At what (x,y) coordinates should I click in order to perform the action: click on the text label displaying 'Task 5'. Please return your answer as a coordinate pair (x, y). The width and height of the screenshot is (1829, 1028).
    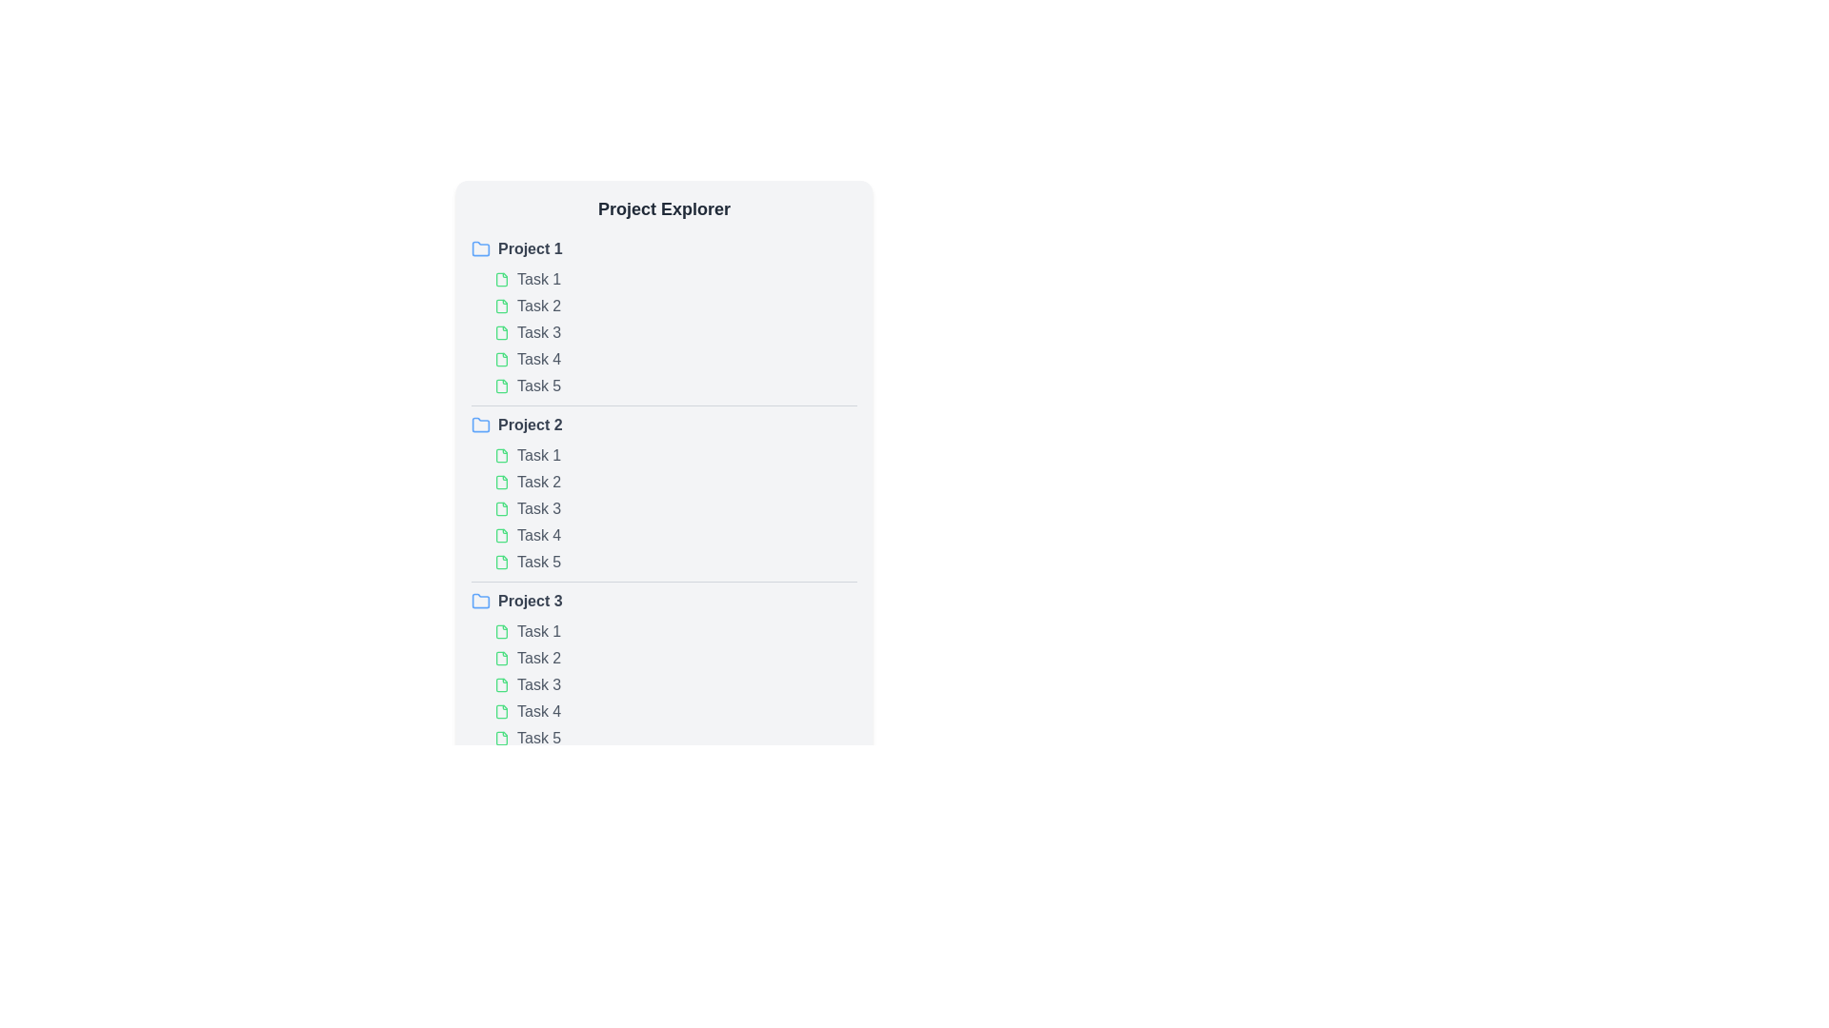
    Looking at the image, I should click on (538, 561).